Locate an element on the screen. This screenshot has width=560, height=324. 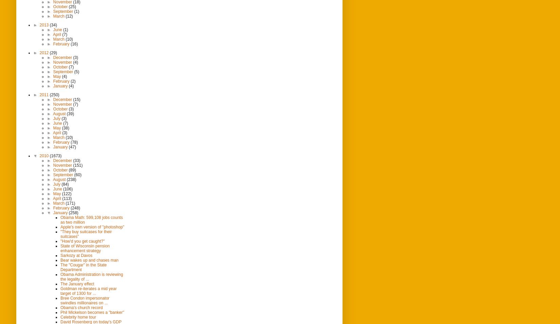
'(89)' is located at coordinates (72, 169).